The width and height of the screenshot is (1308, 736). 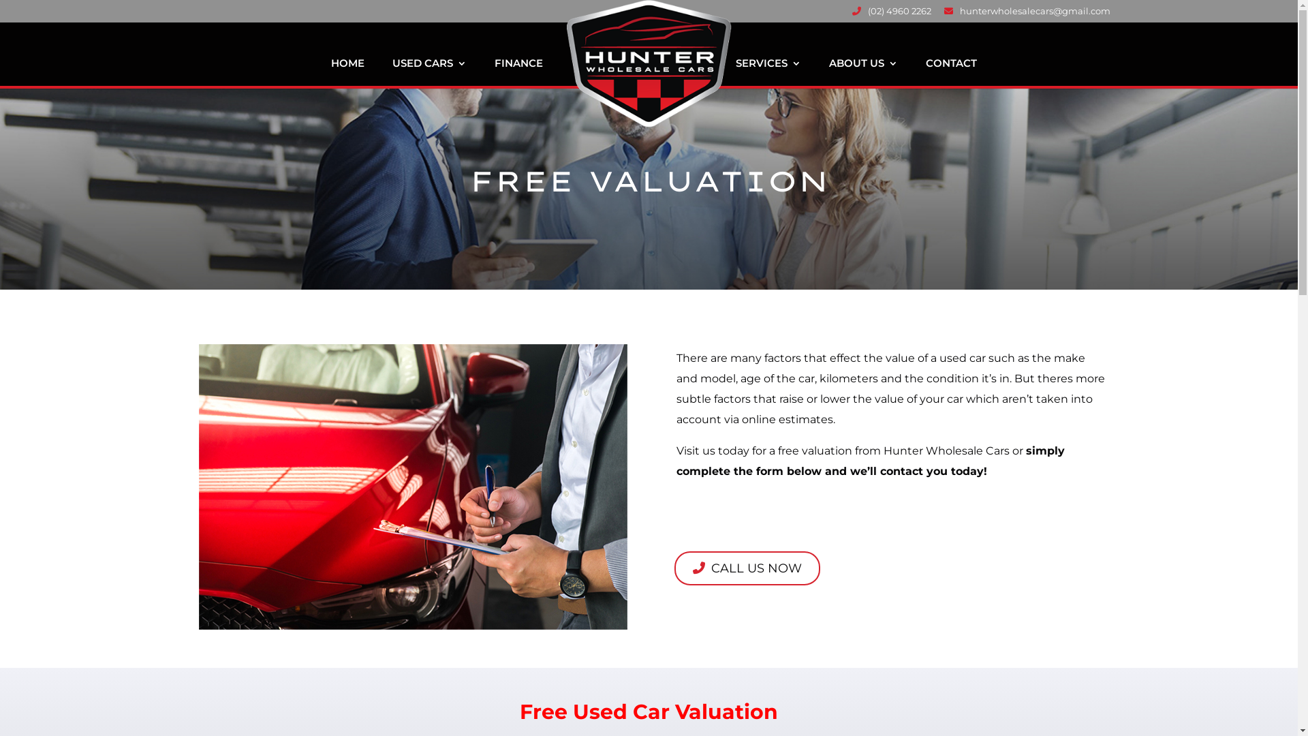 I want to click on 'FINANCE', so click(x=518, y=74).